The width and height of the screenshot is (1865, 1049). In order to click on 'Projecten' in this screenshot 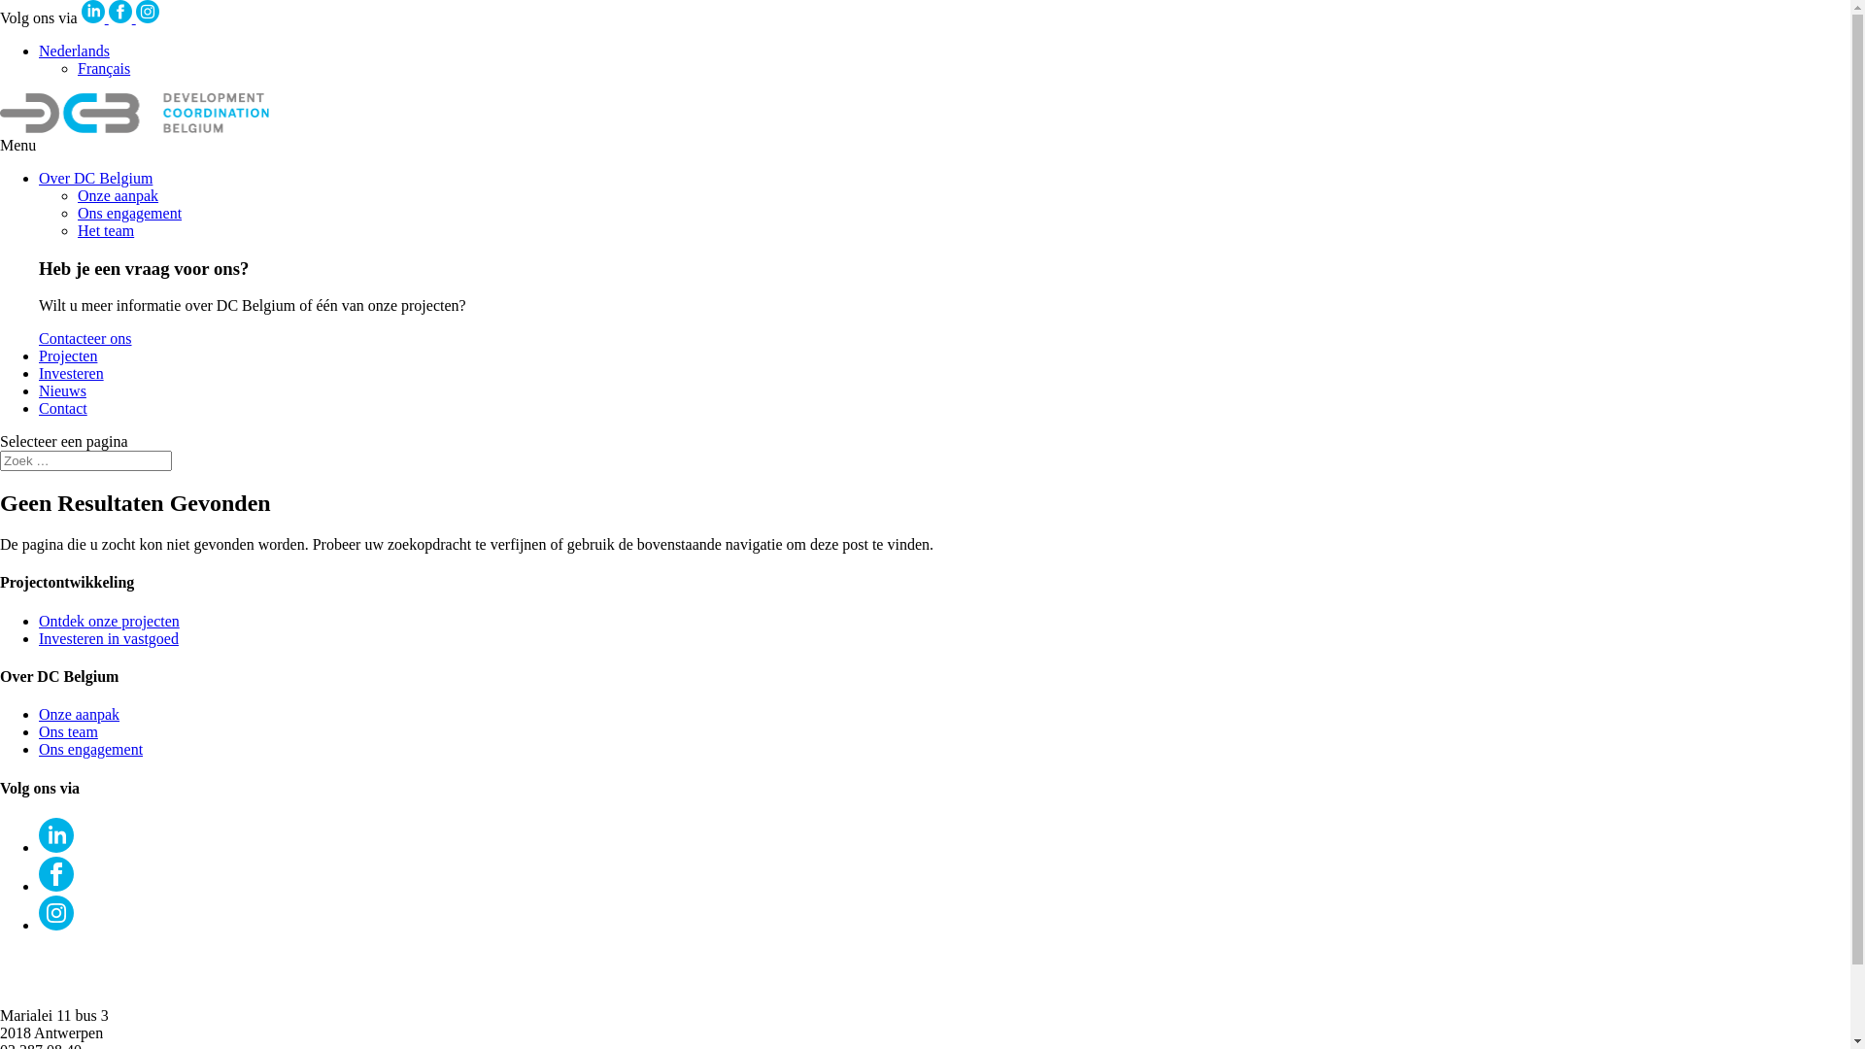, I will do `click(38, 355)`.